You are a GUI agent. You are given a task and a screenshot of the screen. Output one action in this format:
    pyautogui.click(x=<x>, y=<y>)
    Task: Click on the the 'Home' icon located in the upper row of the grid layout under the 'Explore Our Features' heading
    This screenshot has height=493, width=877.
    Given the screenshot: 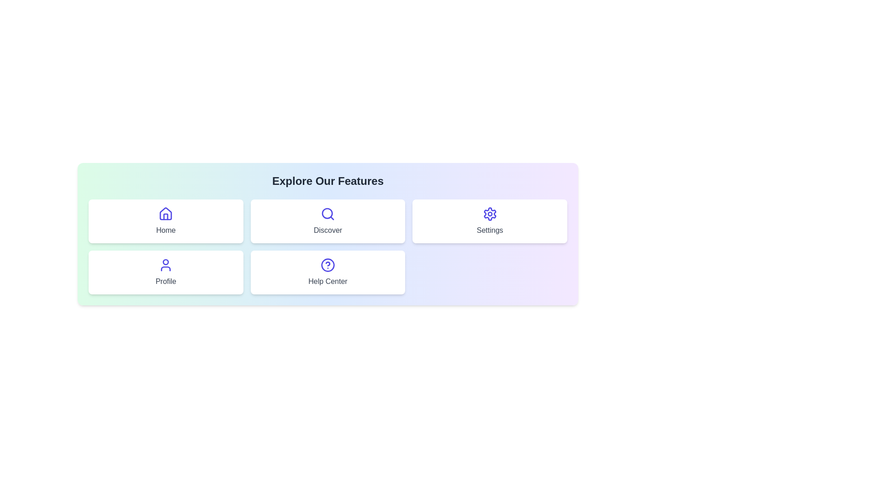 What is the action you would take?
    pyautogui.click(x=166, y=213)
    